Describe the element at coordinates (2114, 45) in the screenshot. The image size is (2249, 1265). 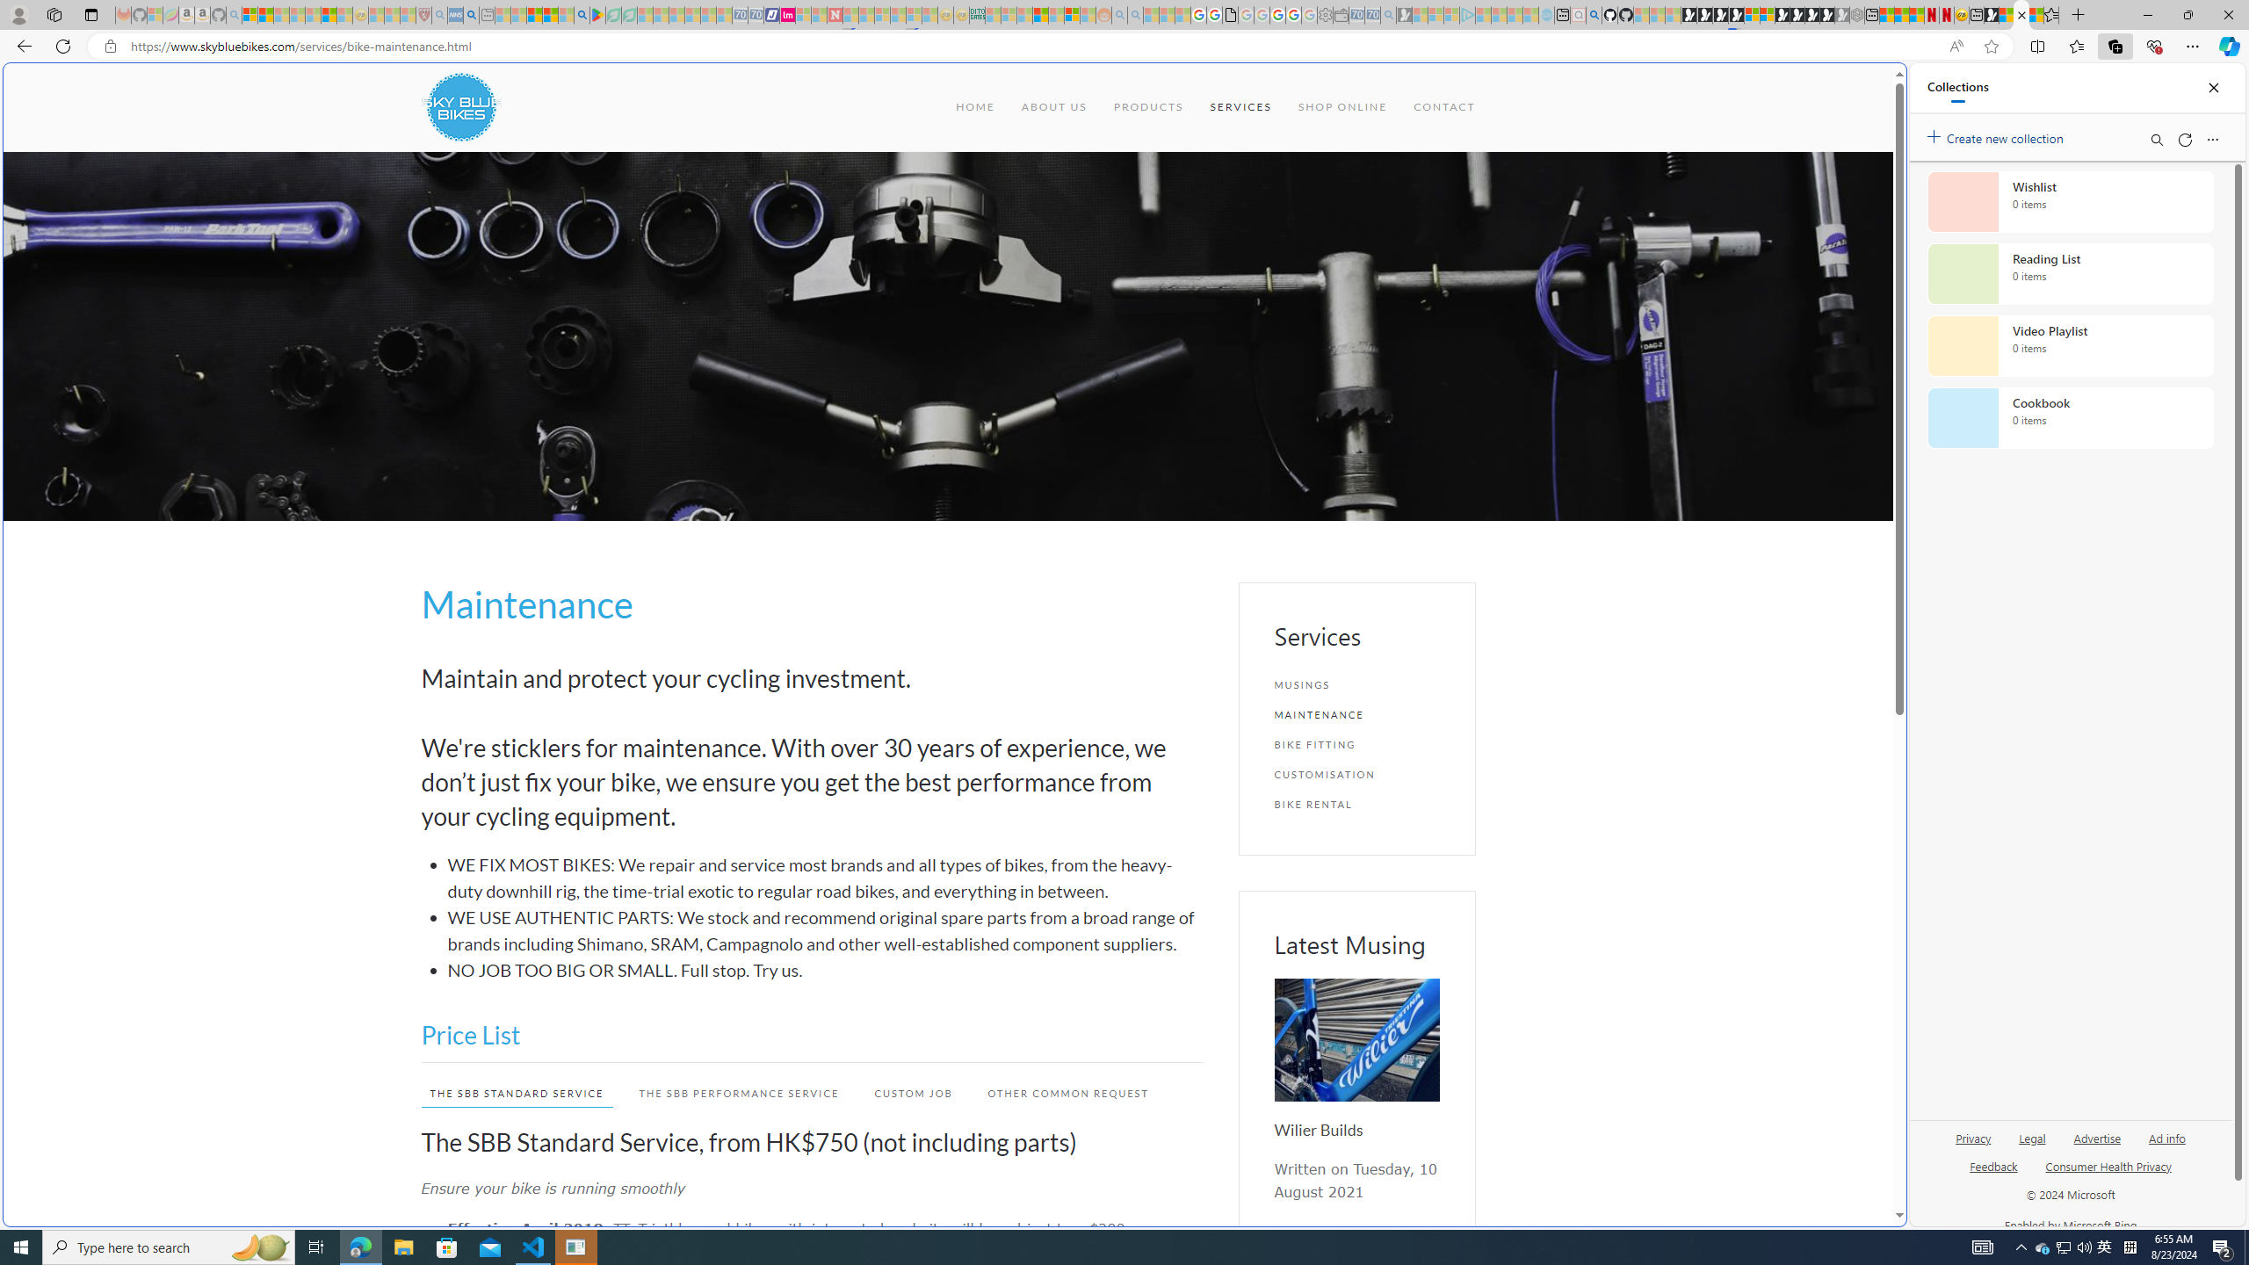
I see `'Collections'` at that location.